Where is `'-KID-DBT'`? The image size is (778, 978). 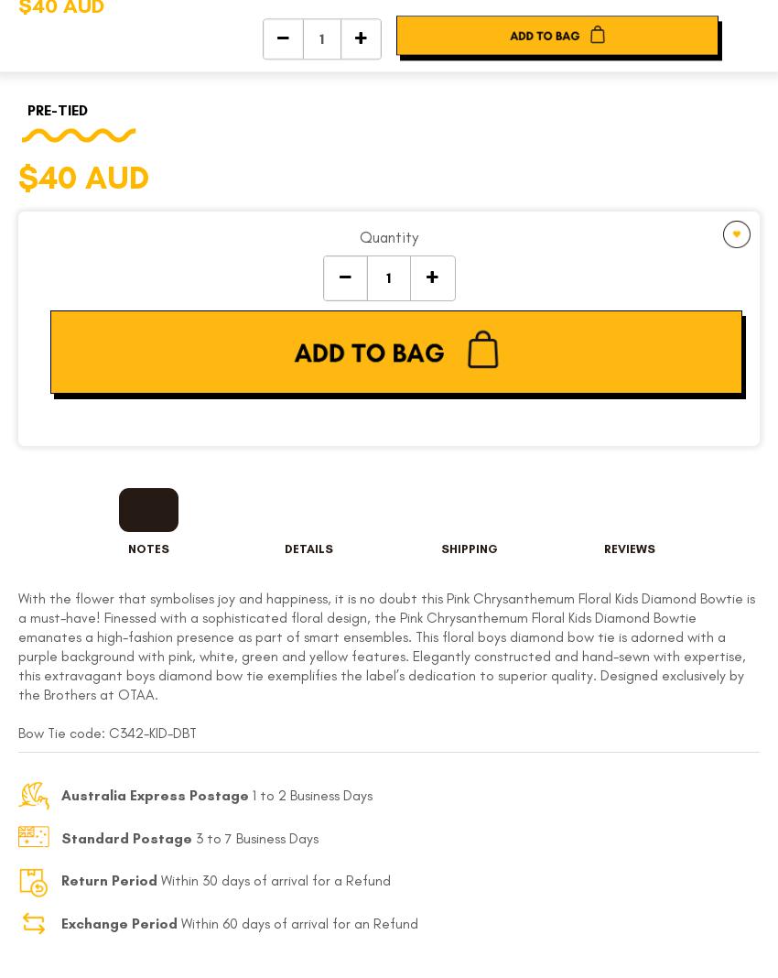
'-KID-DBT' is located at coordinates (143, 732).